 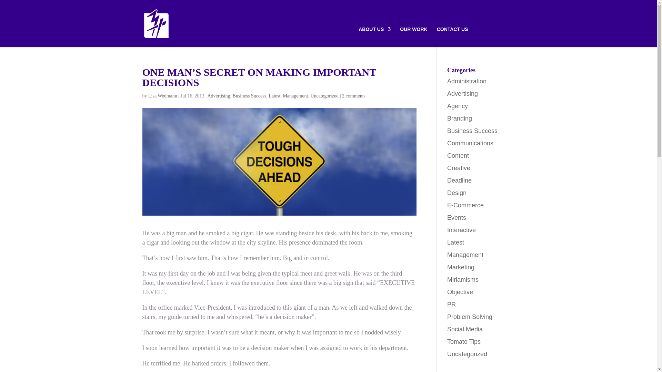 I want to click on 'Deadline', so click(x=447, y=180).